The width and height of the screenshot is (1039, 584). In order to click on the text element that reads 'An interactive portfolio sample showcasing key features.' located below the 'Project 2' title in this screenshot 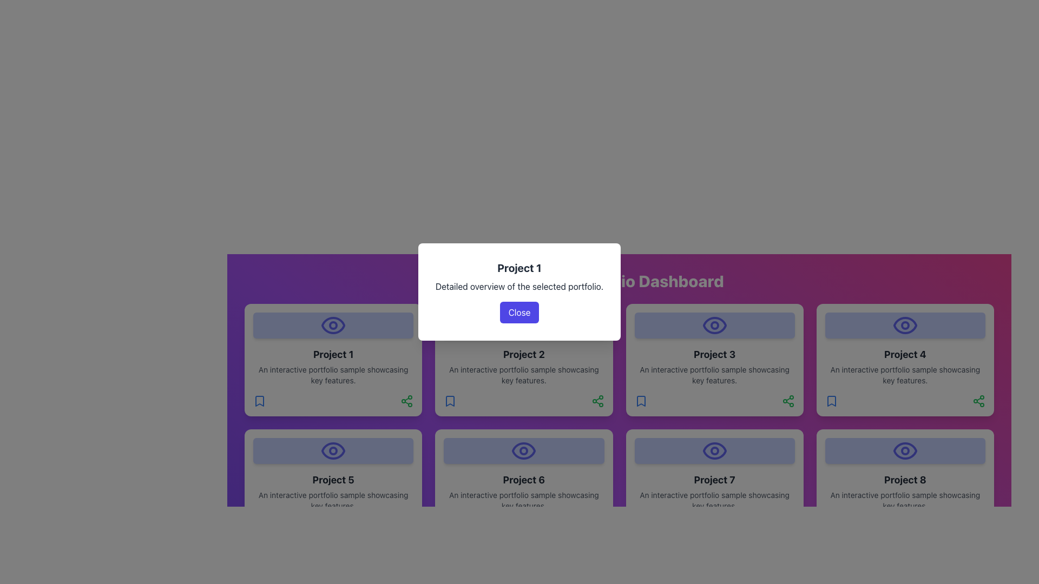, I will do `click(524, 375)`.